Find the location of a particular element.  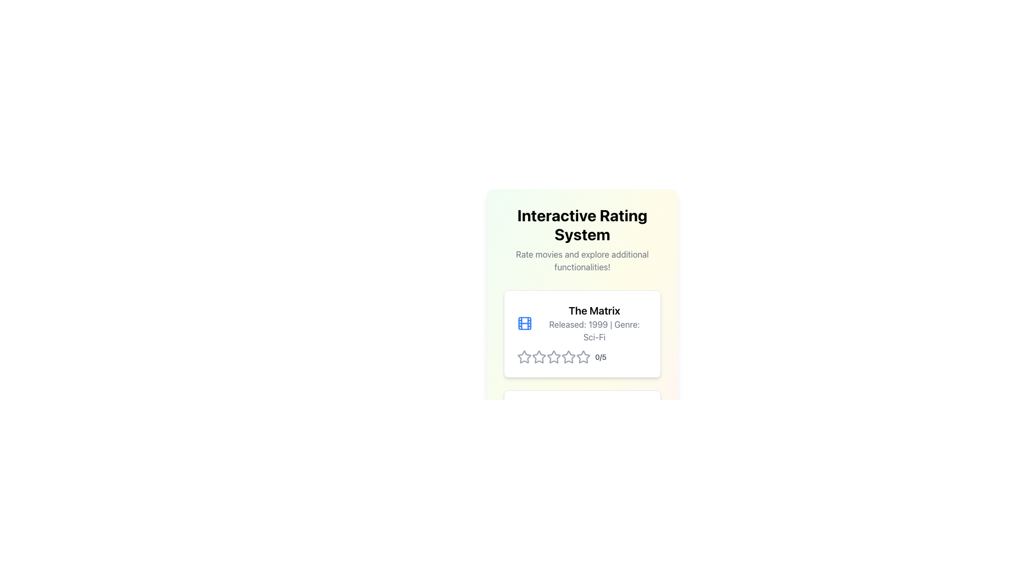

the third star is located at coordinates (539, 357).